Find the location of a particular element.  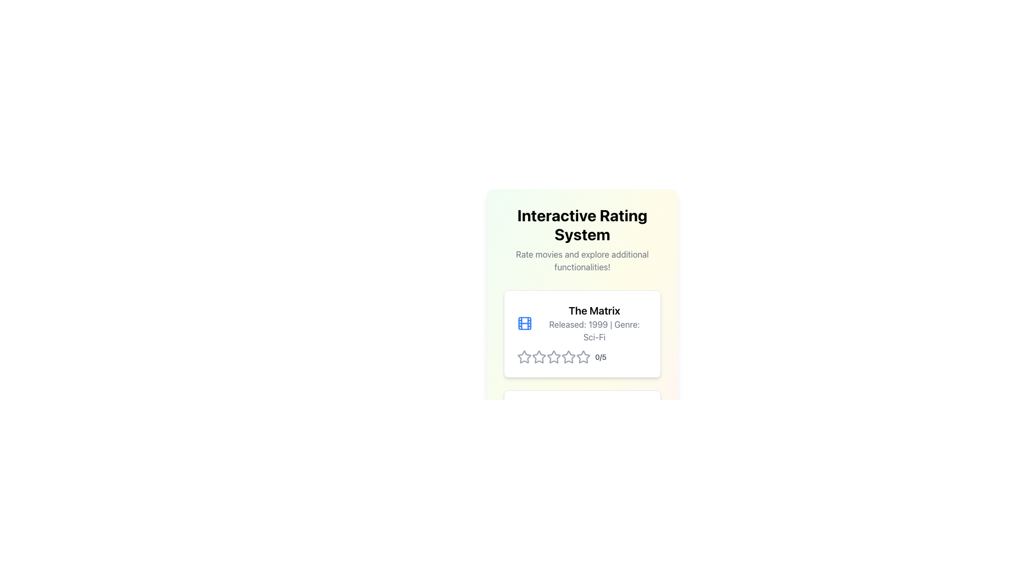

the third star is located at coordinates (539, 357).